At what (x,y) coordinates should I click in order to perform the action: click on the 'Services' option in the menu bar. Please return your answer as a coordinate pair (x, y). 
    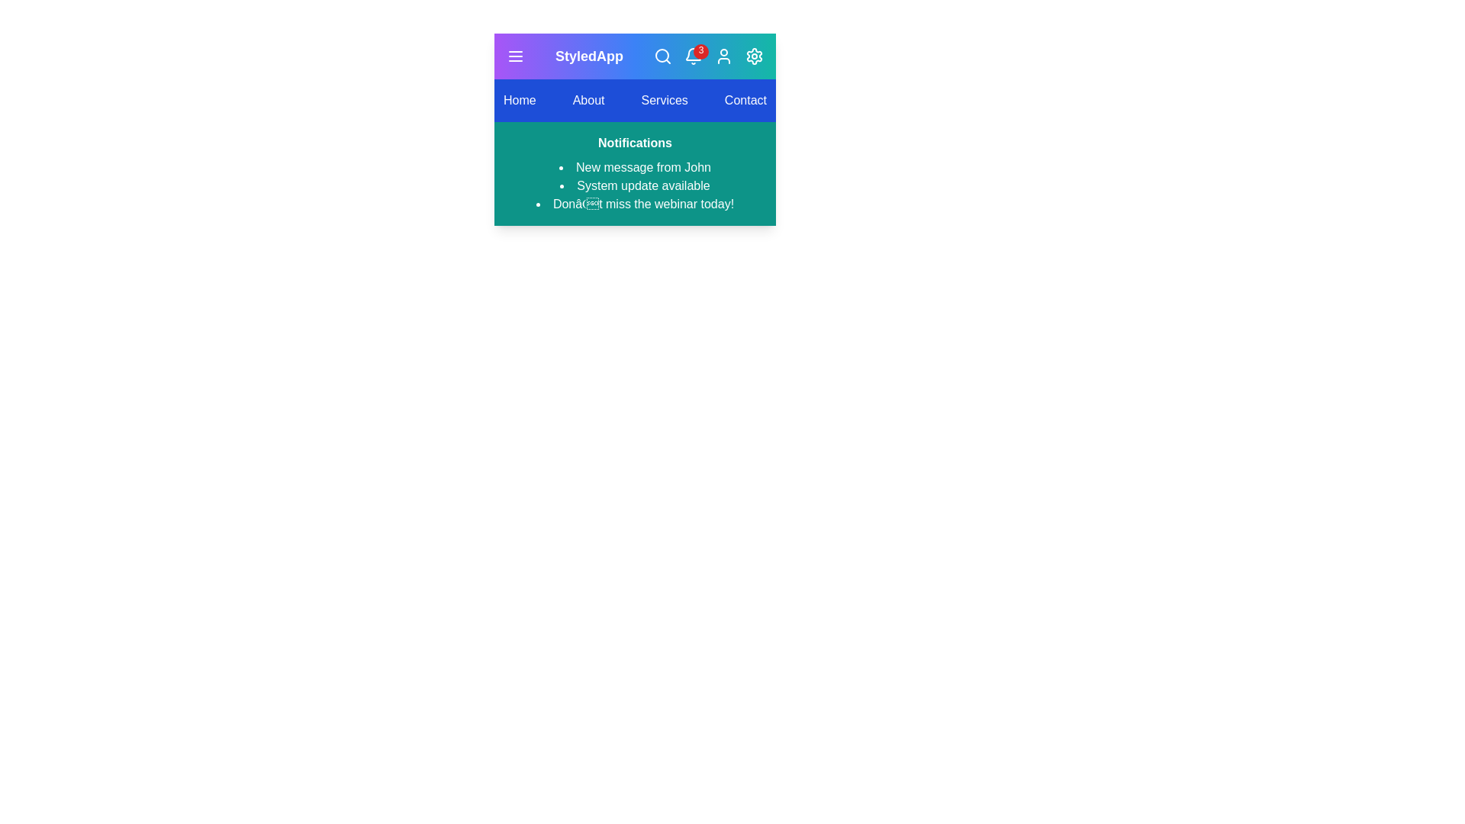
    Looking at the image, I should click on (635, 100).